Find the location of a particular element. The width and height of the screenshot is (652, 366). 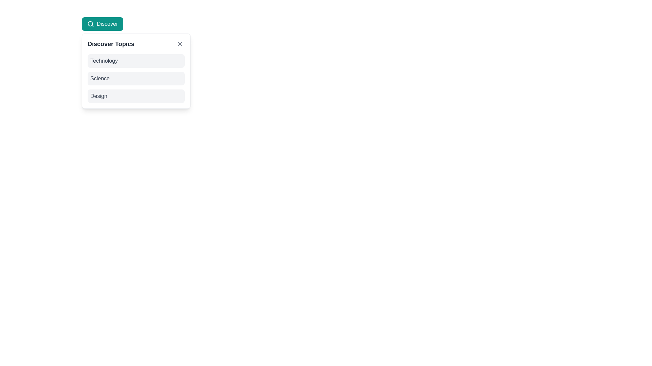

the bold heading text 'Discover Topics', which is styled with a large font size and dark gray color, located on the left side of the group above a list of topic options is located at coordinates (111, 44).